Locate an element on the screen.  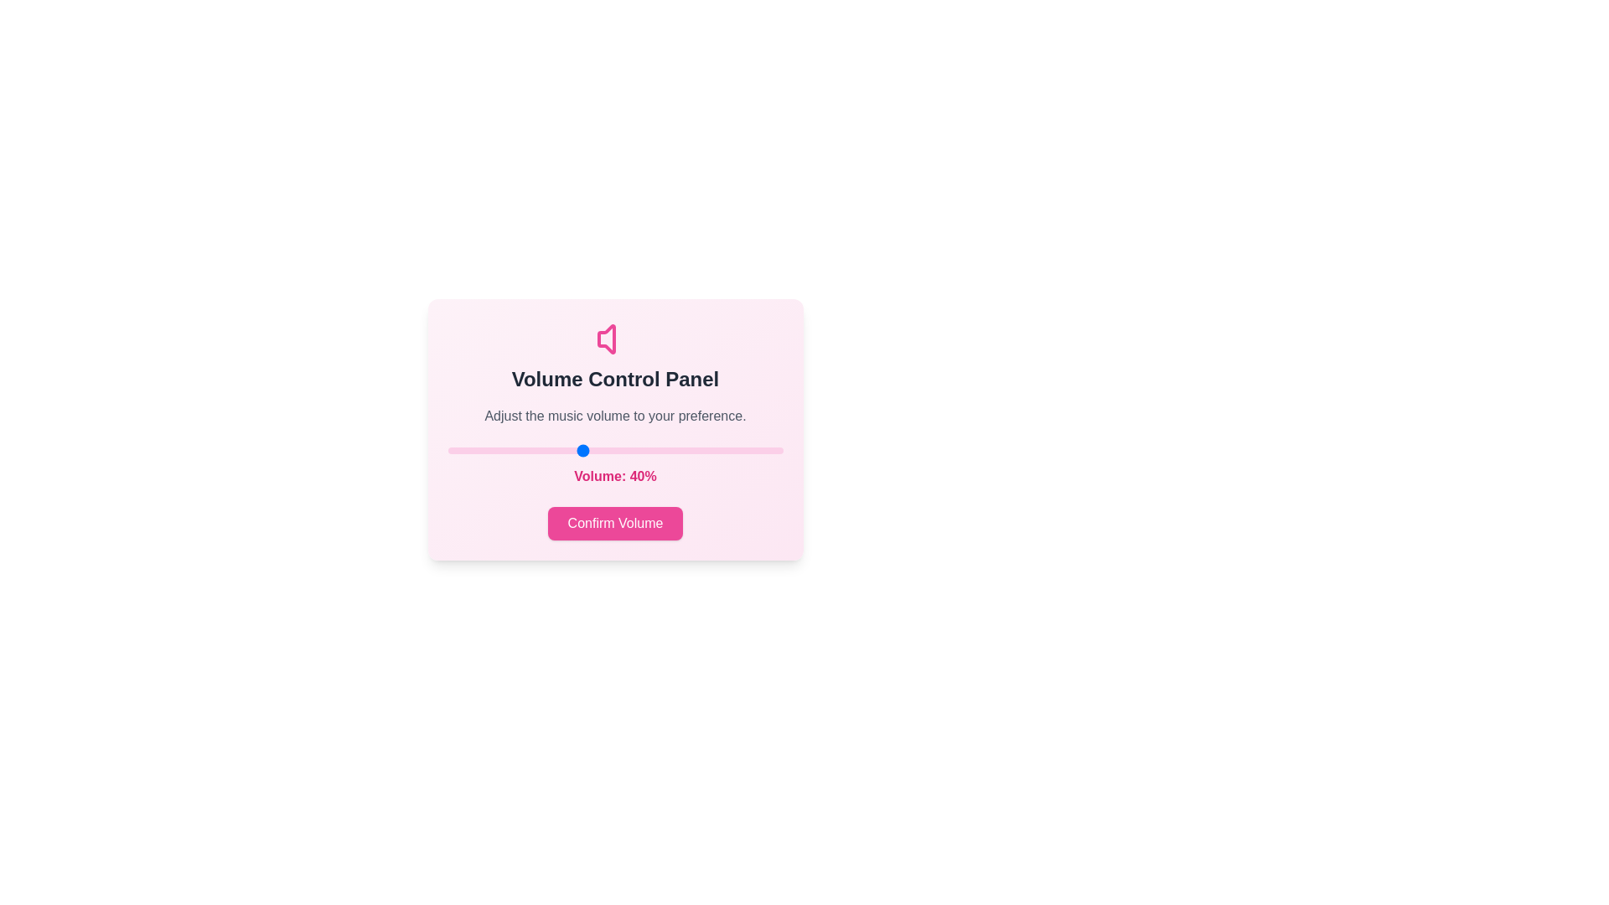
the volume to 85 percent by dragging the slider is located at coordinates (732, 449).